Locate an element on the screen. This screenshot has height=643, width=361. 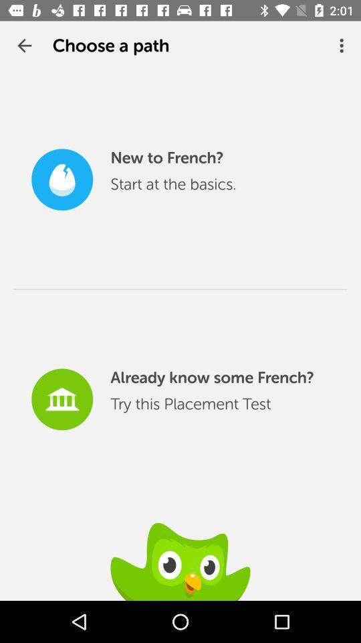
the app to the left of choose a path item is located at coordinates (24, 46).